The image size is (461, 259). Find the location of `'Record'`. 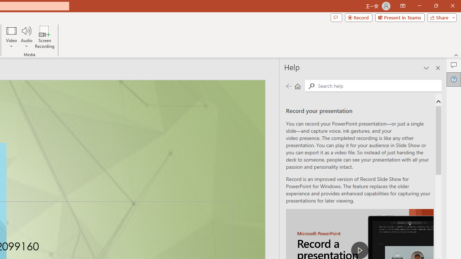

'Record' is located at coordinates (358, 17).